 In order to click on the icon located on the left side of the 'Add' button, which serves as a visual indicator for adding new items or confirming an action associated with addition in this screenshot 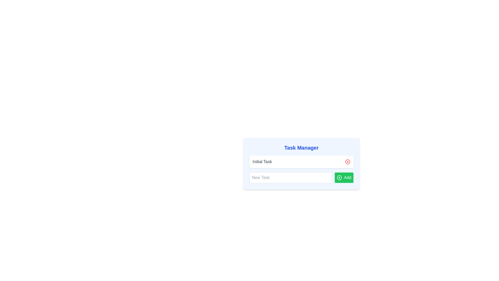, I will do `click(339, 177)`.